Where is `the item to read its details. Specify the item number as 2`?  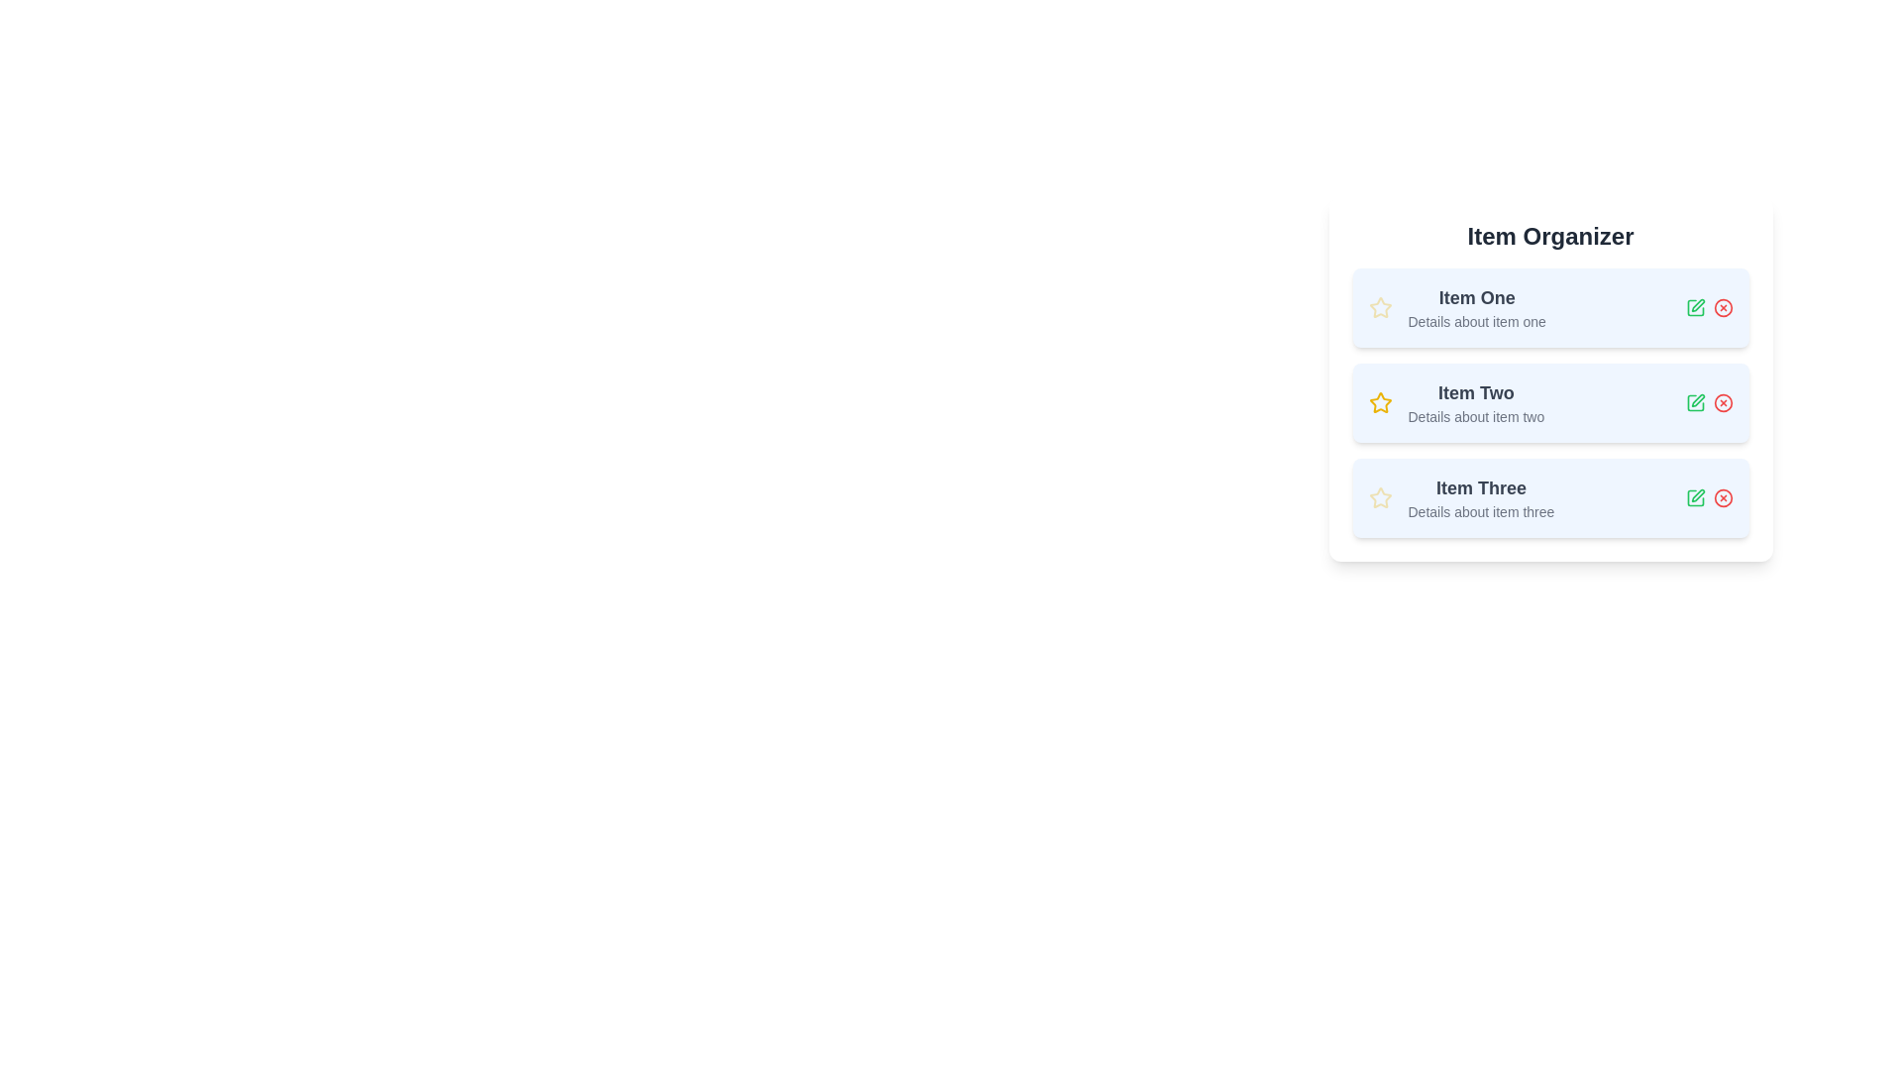
the item to read its details. Specify the item number as 2 is located at coordinates (1549, 402).